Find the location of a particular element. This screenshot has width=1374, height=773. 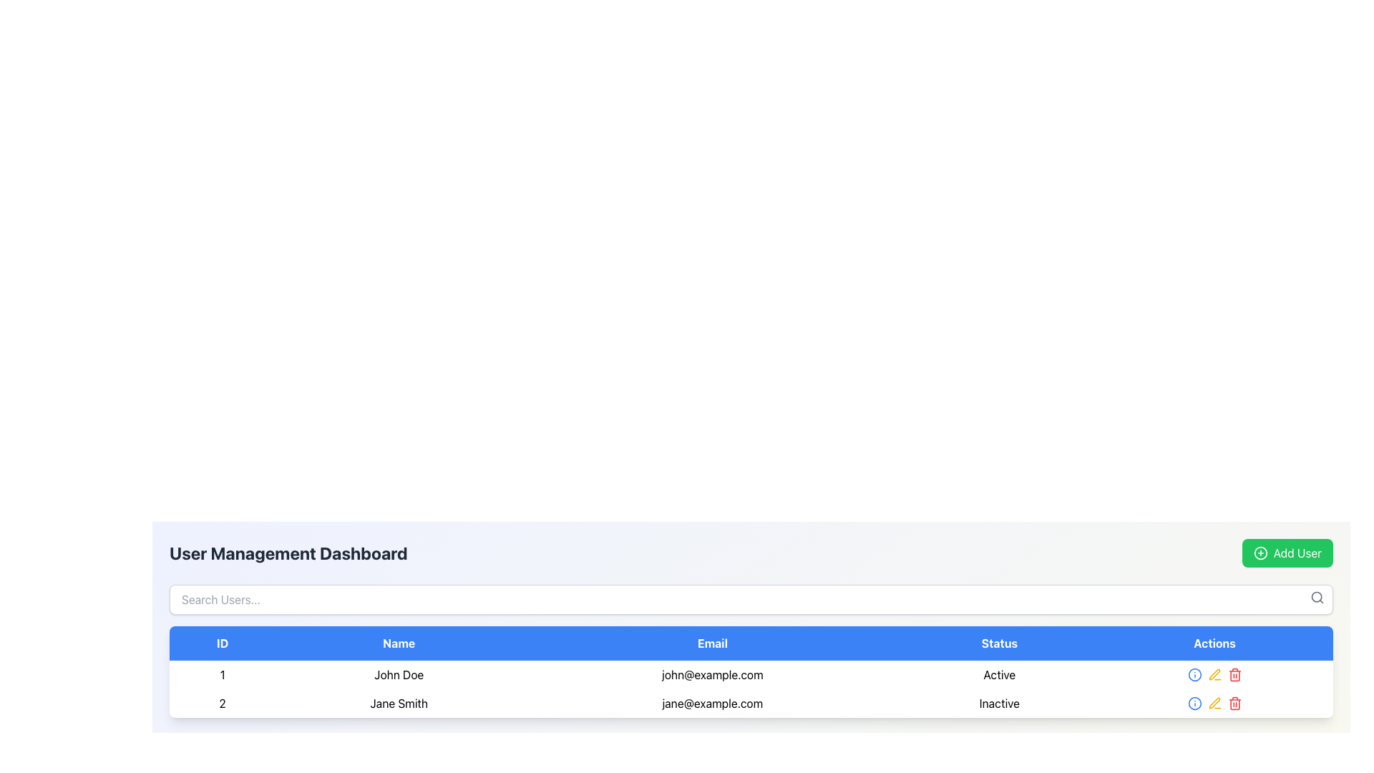

the 'Add User' icon located at the top-right corner of the interface, which serves as a visual indicator for adding a new user is located at coordinates (1260, 552).